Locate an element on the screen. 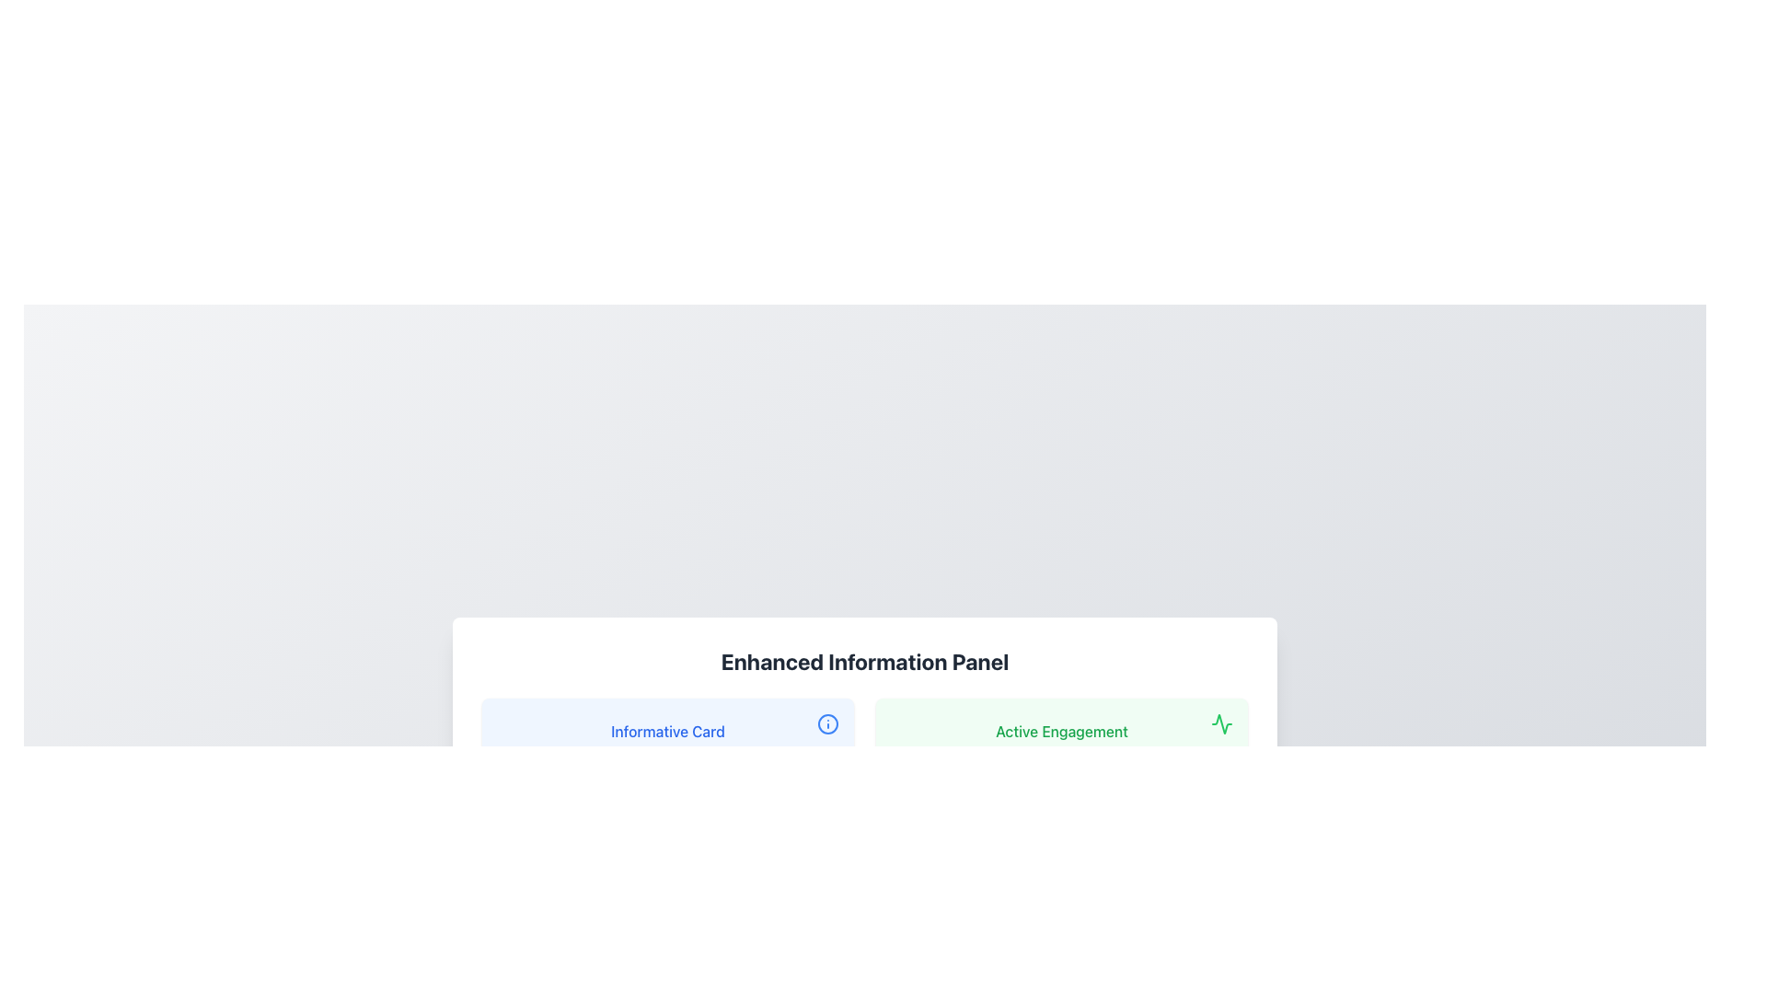  the Text Label in the Enhanced Information Panel, which serves as a title or header for its corresponding section, located at the top right segment above the description text and to the left of a small green circular icon is located at coordinates (1061, 730).